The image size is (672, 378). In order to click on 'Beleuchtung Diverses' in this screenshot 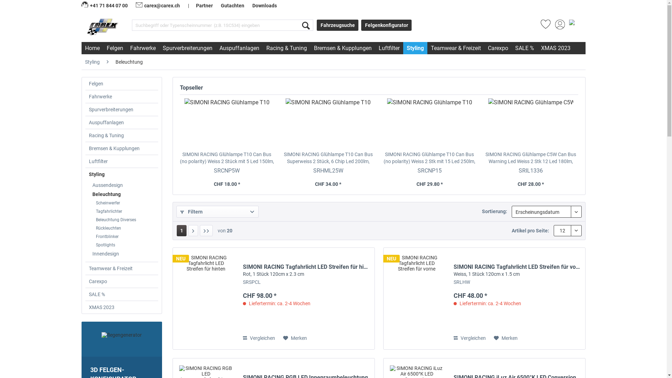, I will do `click(125, 219)`.